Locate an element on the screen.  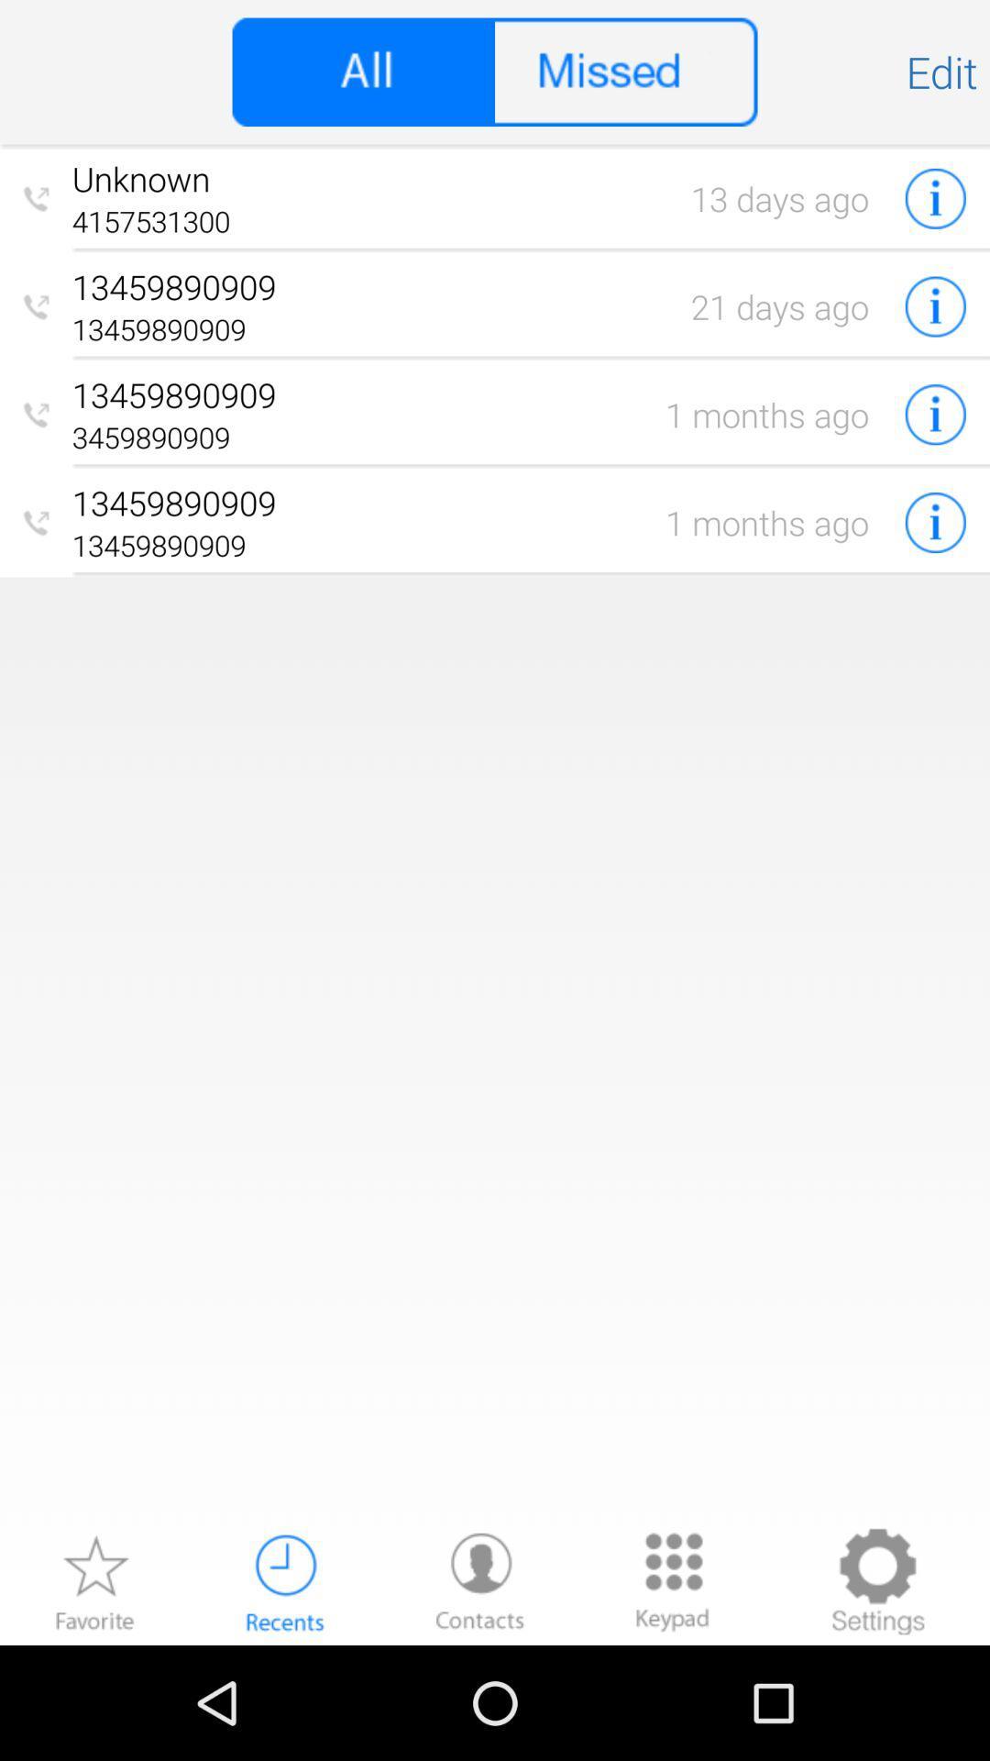
the time icon is located at coordinates (285, 1691).